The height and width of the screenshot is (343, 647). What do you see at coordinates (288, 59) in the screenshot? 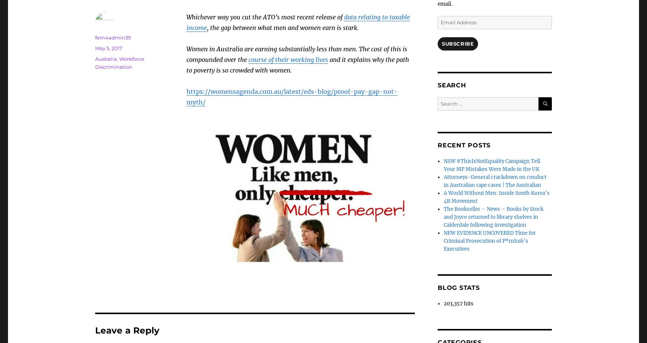
I see `'course of their working lives'` at bounding box center [288, 59].